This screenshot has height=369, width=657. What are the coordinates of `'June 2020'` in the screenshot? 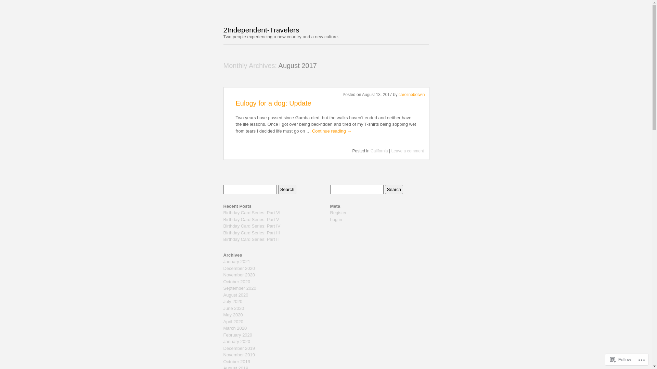 It's located at (233, 308).